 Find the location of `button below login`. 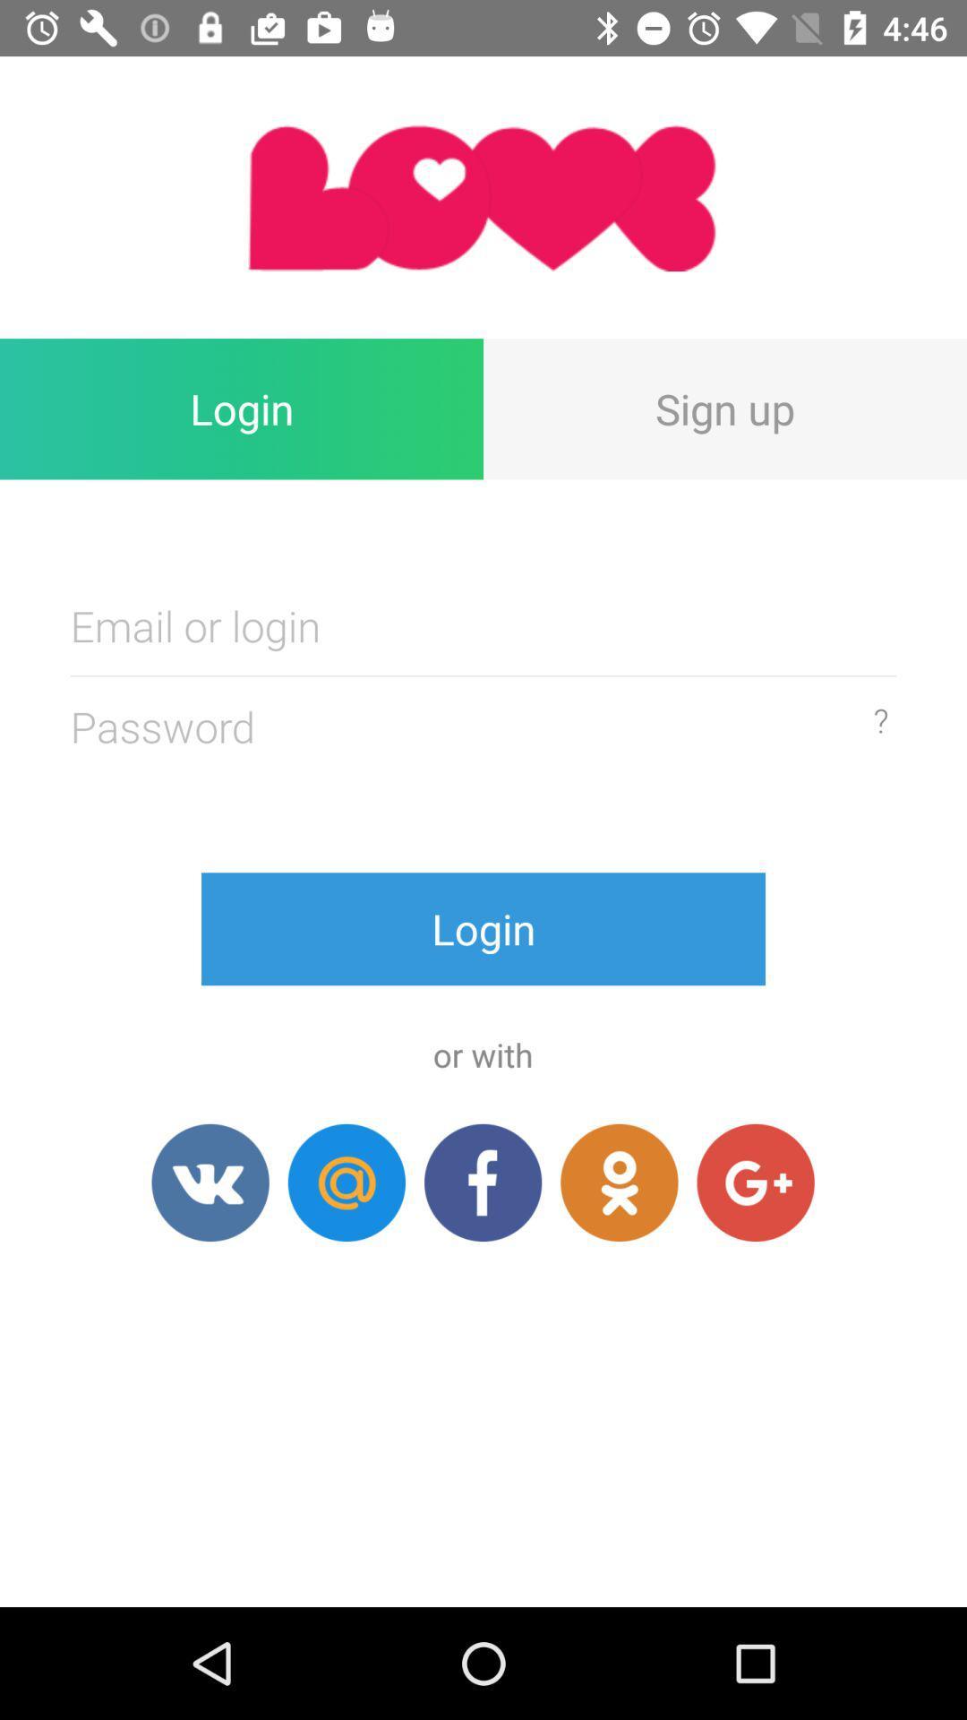

button below login is located at coordinates (618, 1182).